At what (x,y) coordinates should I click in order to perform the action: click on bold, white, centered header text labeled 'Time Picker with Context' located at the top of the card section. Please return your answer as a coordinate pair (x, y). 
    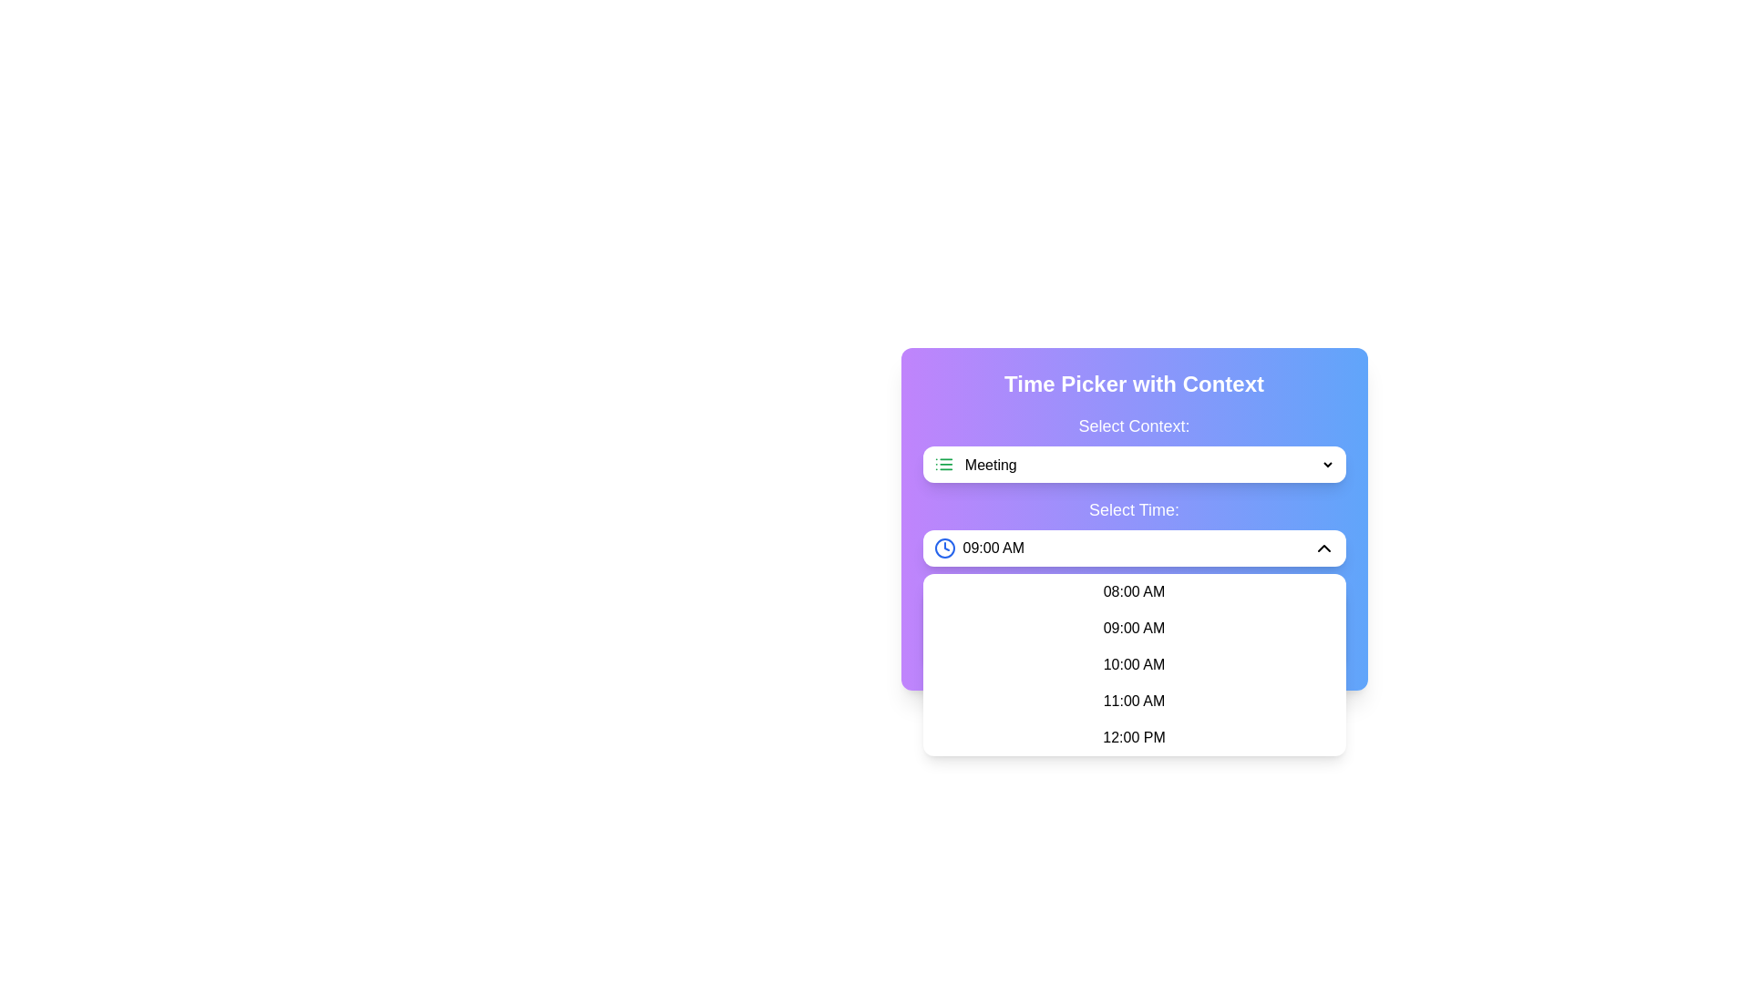
    Looking at the image, I should click on (1133, 383).